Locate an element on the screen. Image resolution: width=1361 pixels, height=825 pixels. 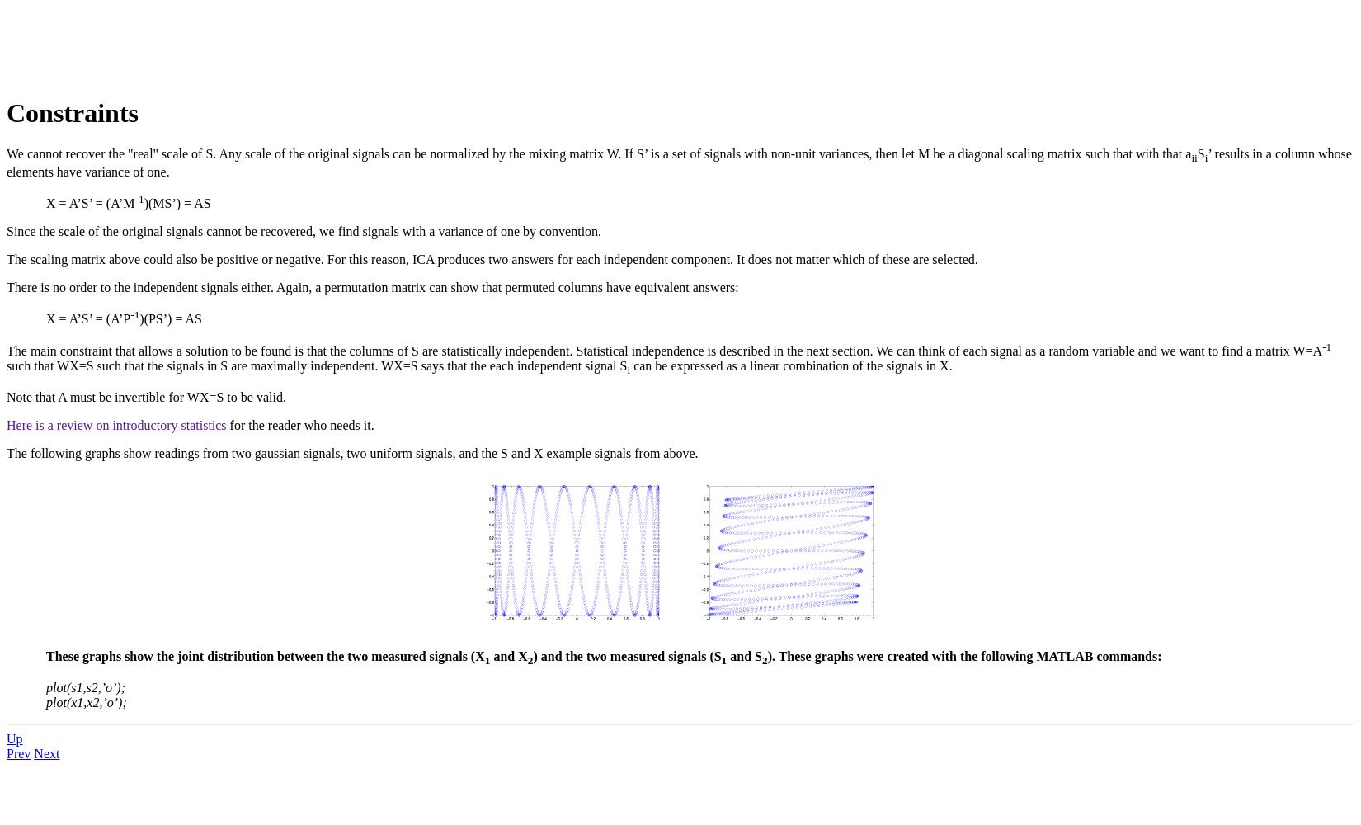
'plot(x1,x2,’o’);' is located at coordinates (45, 701).